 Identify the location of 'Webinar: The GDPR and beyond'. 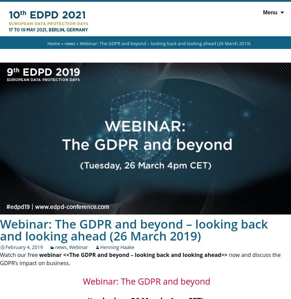
(145, 281).